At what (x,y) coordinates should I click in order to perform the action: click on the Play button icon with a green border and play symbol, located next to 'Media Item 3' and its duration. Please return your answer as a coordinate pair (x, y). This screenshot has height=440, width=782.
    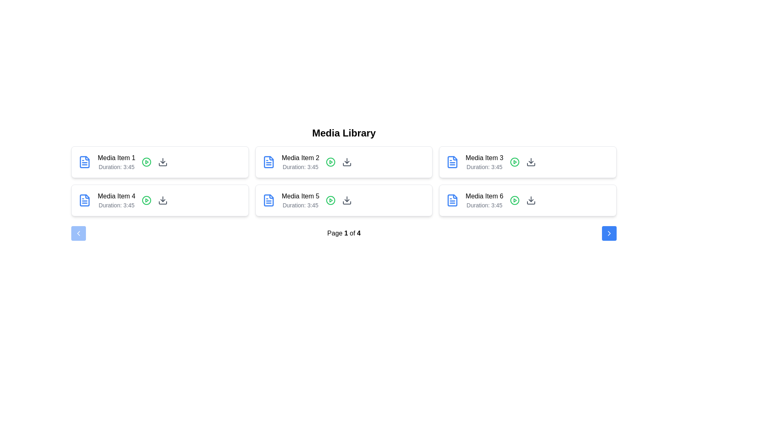
    Looking at the image, I should click on (514, 162).